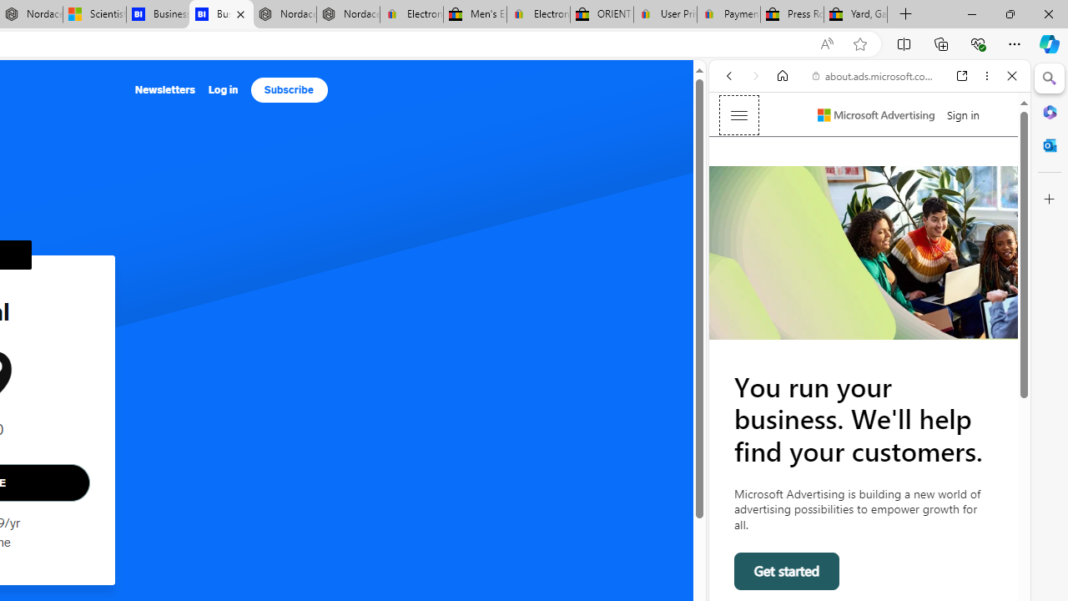 The width and height of the screenshot is (1068, 601). What do you see at coordinates (1049, 78) in the screenshot?
I see `'Minimize Search pane'` at bounding box center [1049, 78].